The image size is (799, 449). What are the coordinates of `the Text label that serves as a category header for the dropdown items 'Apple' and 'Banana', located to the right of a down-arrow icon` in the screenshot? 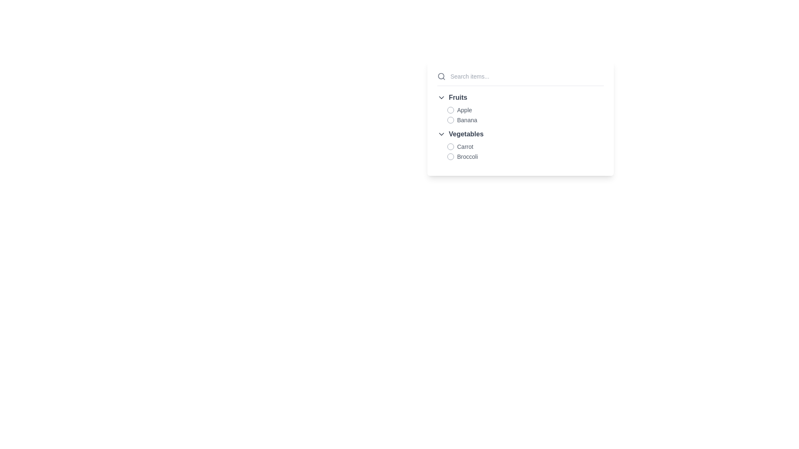 It's located at (457, 97).